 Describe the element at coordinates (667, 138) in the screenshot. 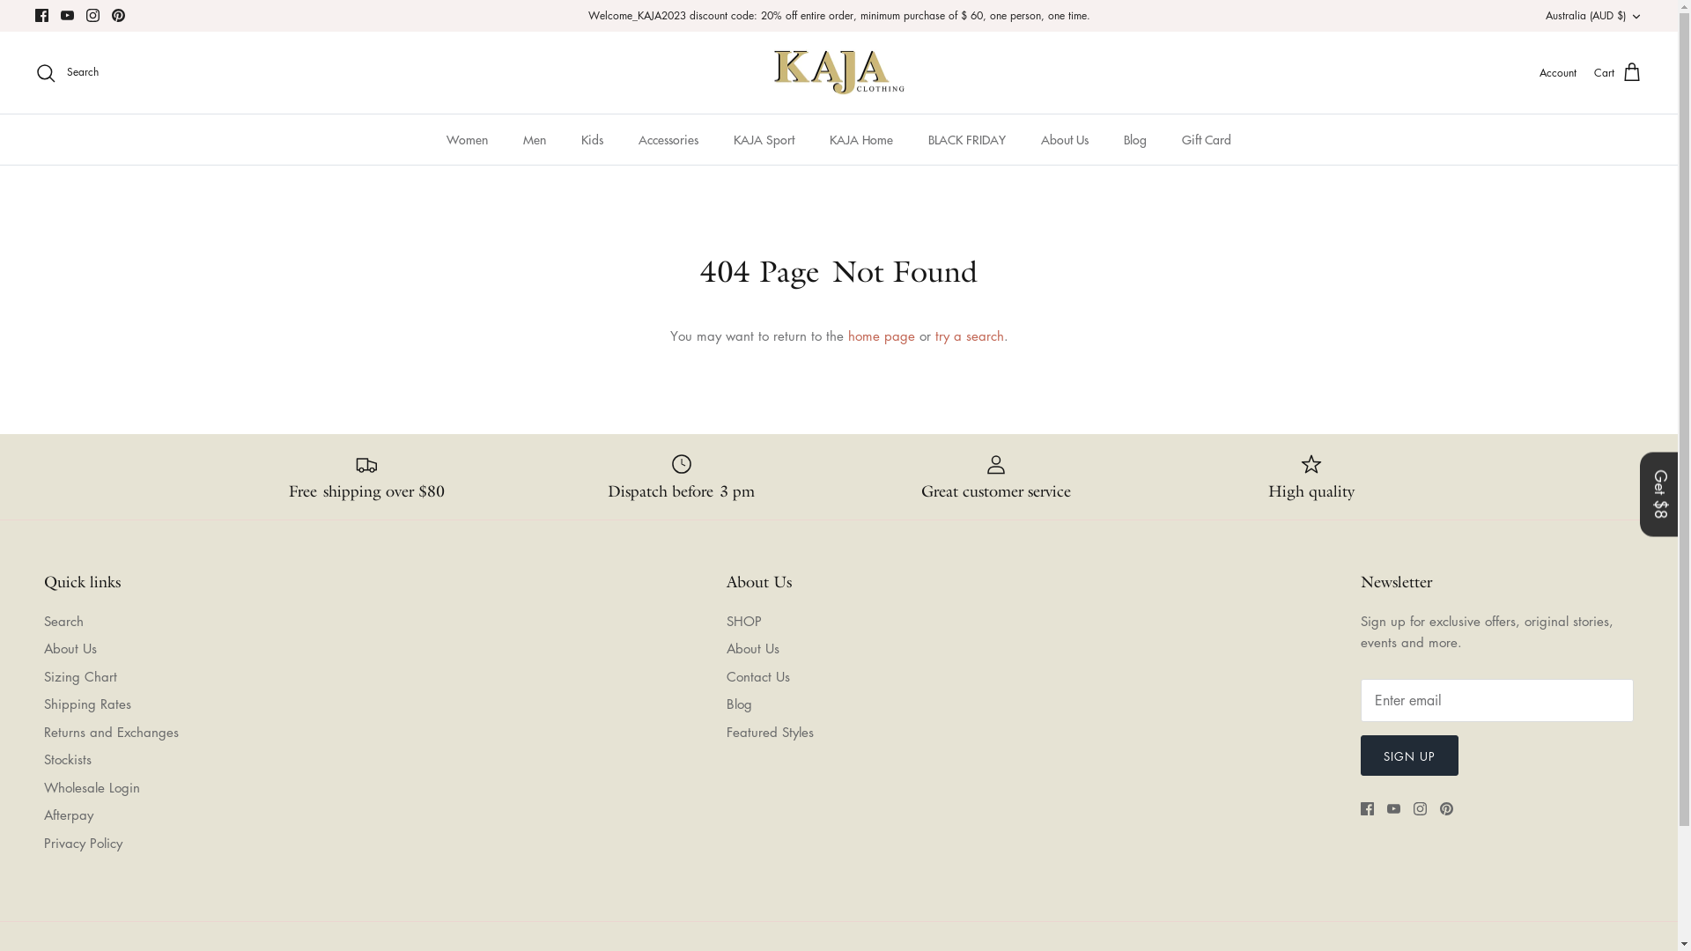

I see `'Accessories'` at that location.